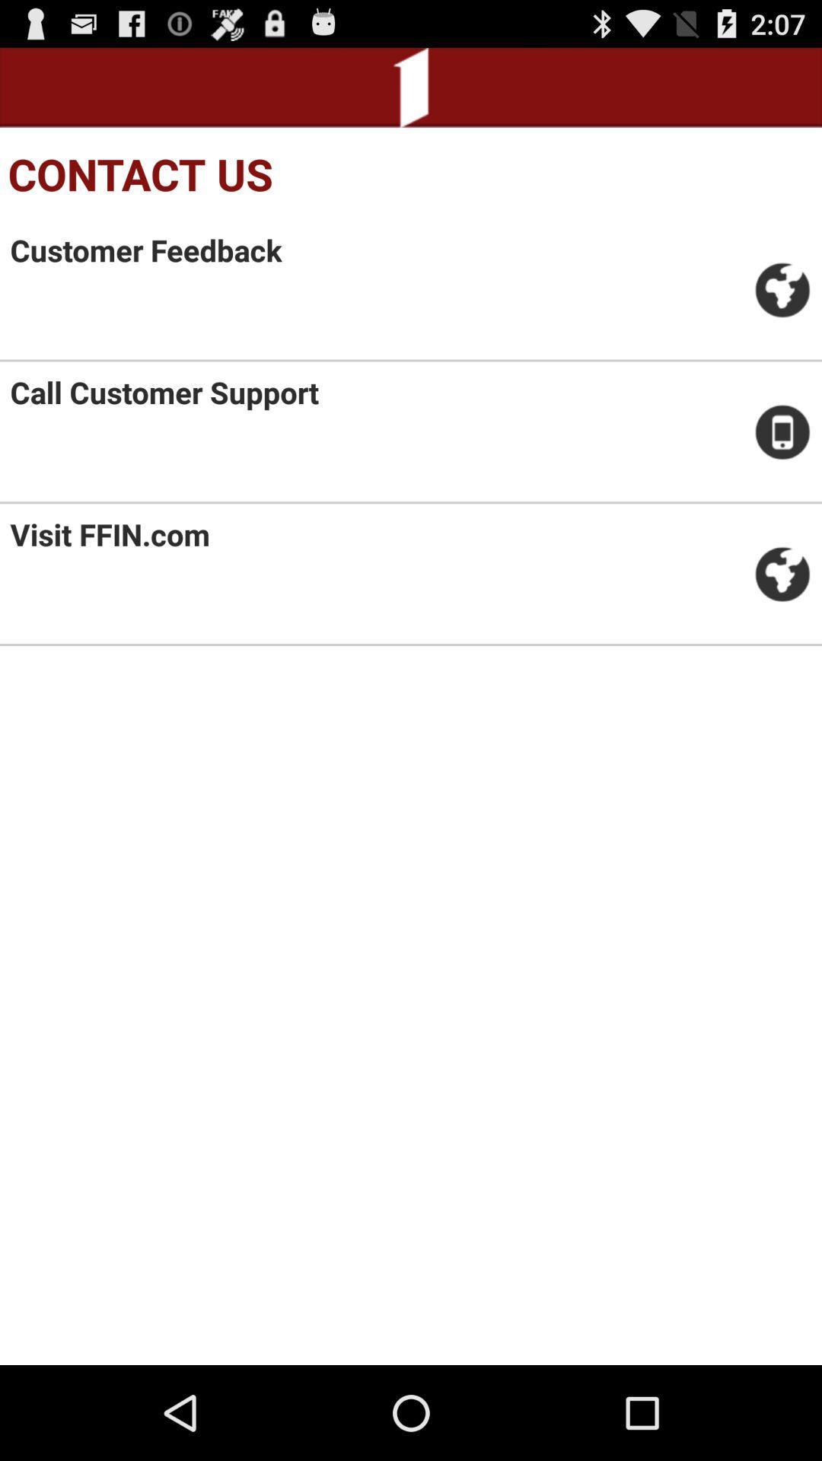  What do you see at coordinates (146, 250) in the screenshot?
I see `customer feedback item` at bounding box center [146, 250].